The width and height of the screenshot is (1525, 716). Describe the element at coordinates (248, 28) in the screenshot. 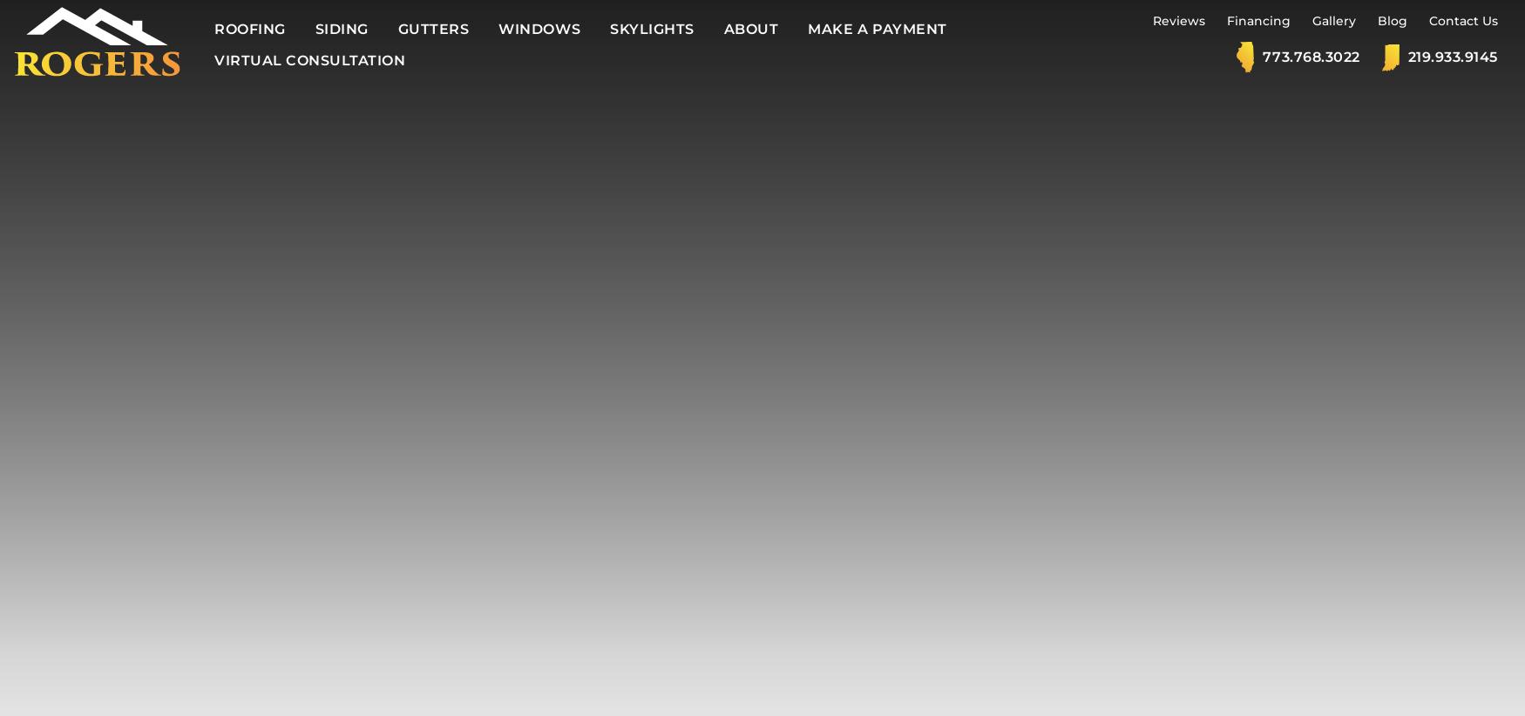

I see `'Roofing'` at that location.